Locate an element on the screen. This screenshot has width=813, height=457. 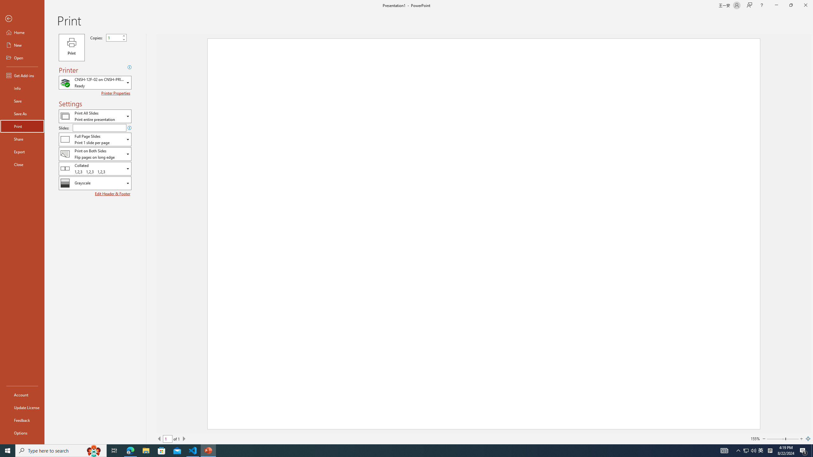
'Get Add-ins' is located at coordinates (22, 75).